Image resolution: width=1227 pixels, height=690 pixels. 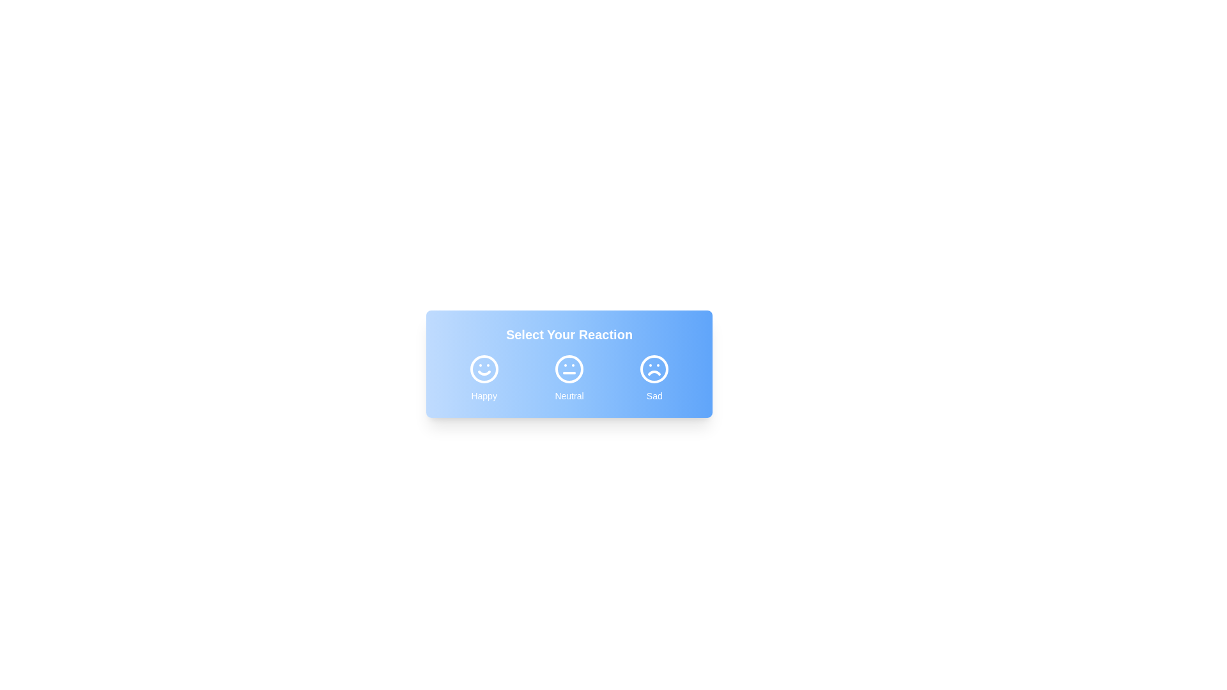 What do you see at coordinates (654, 377) in the screenshot?
I see `the button corresponding to the reaction Sad` at bounding box center [654, 377].